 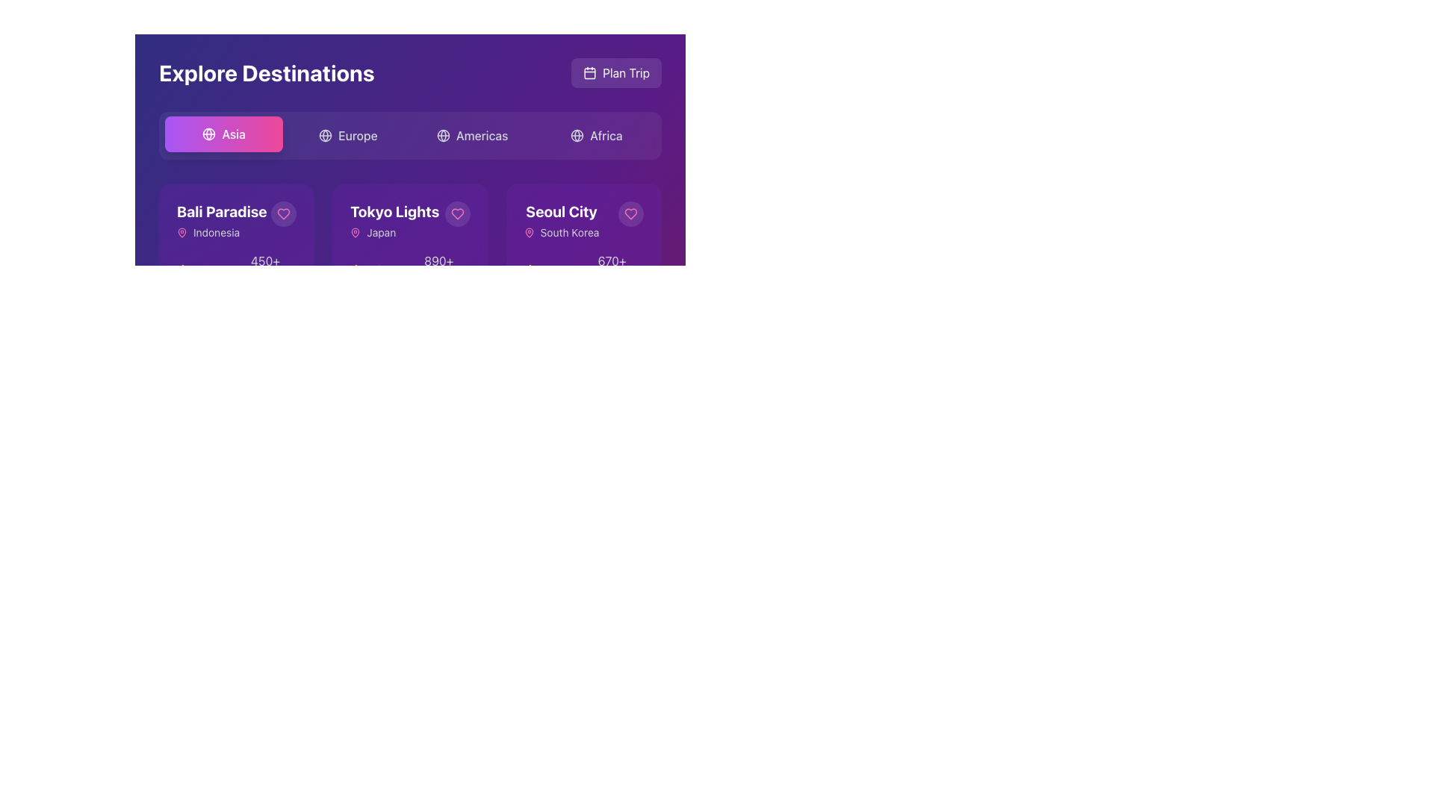 What do you see at coordinates (547, 270) in the screenshot?
I see `the numerical text display element '4.7', which is styled with a white font and located near a yellow star icon in the 'Explore Destinations' section of the 'Seoul City' card` at bounding box center [547, 270].